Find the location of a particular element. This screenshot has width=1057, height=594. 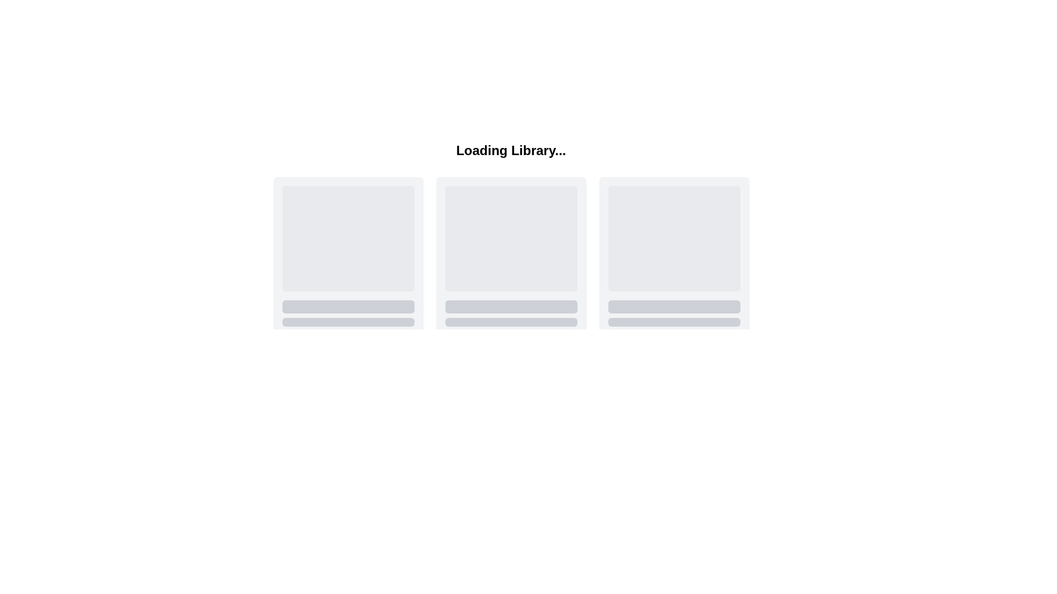

the first card in the grid layout, which has a soft gray background and rounded corners is located at coordinates (347, 267).